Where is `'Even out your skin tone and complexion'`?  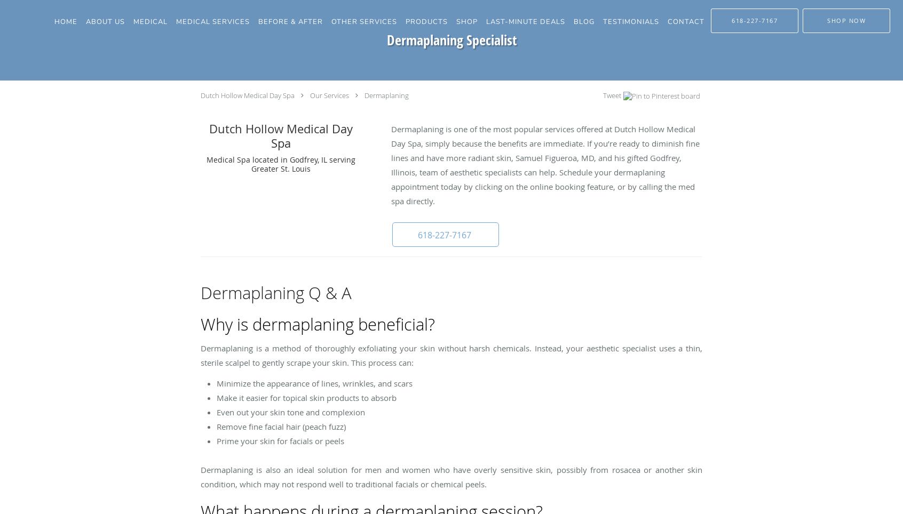
'Even out your skin tone and complexion' is located at coordinates (290, 412).